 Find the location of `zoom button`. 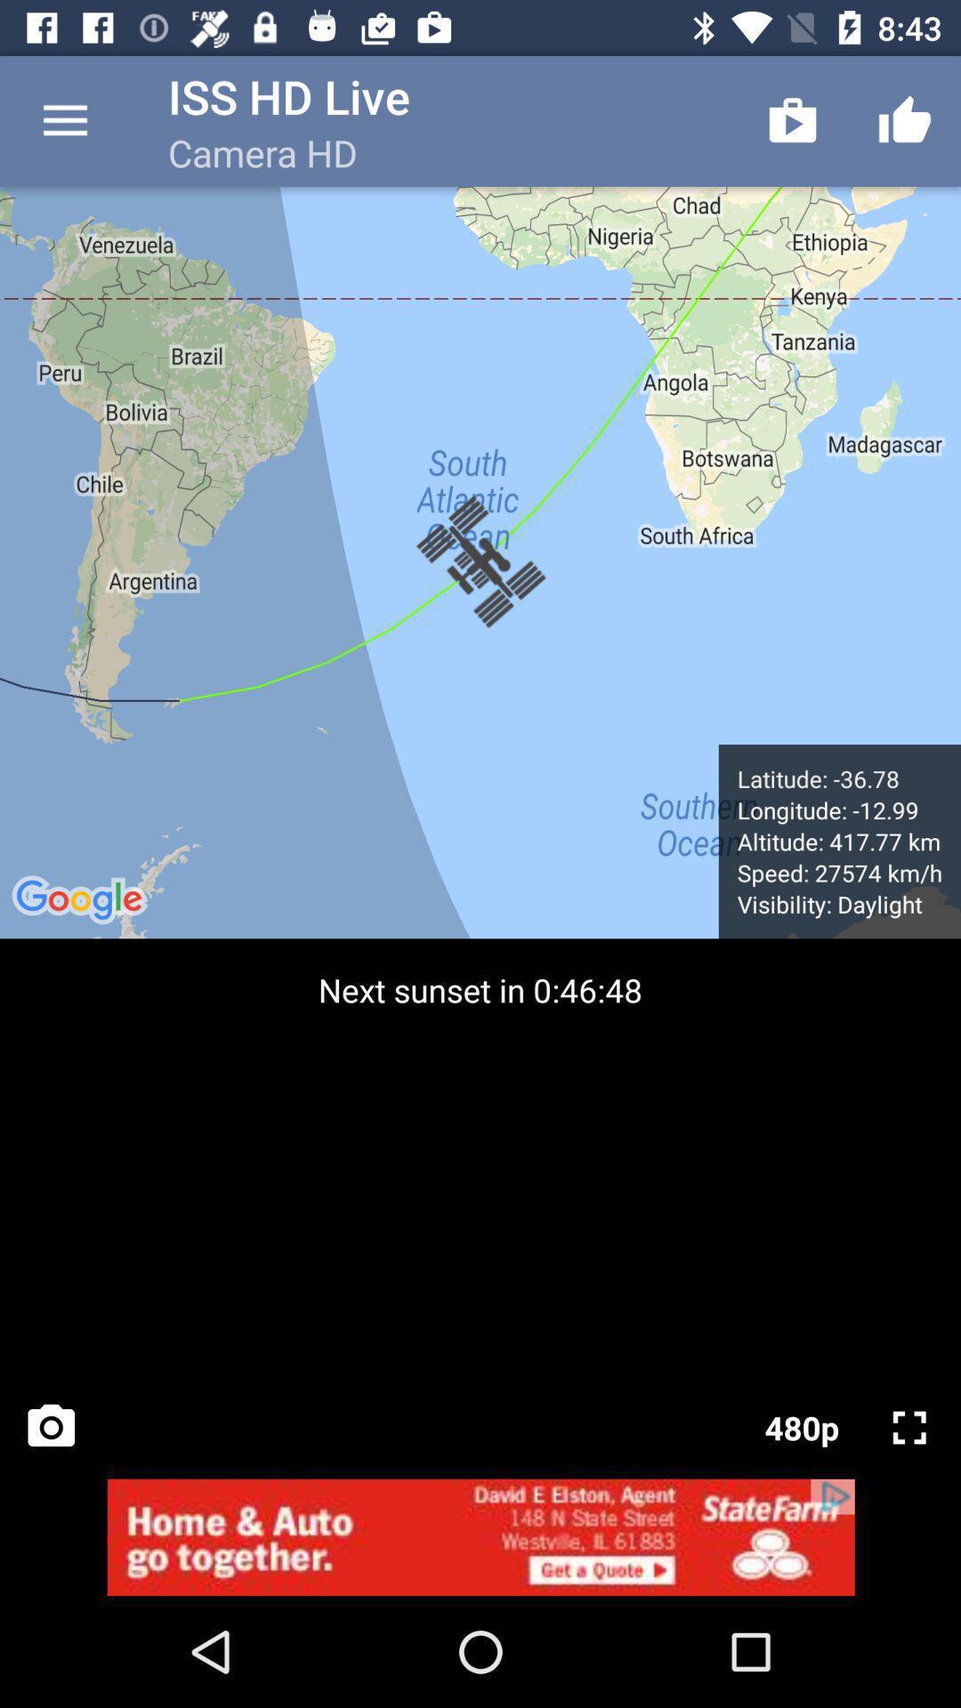

zoom button is located at coordinates (909, 1427).